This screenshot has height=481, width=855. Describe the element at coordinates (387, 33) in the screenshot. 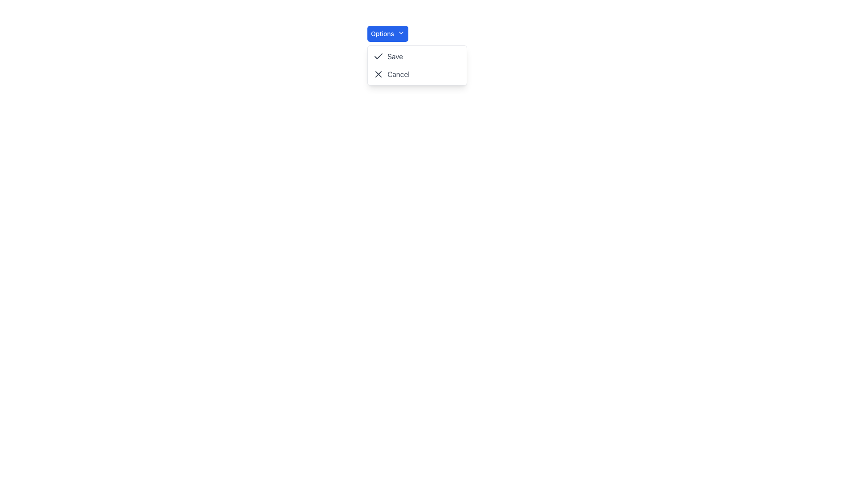

I see `the blue 'Options' button with white text and a chevron-down icon` at that location.